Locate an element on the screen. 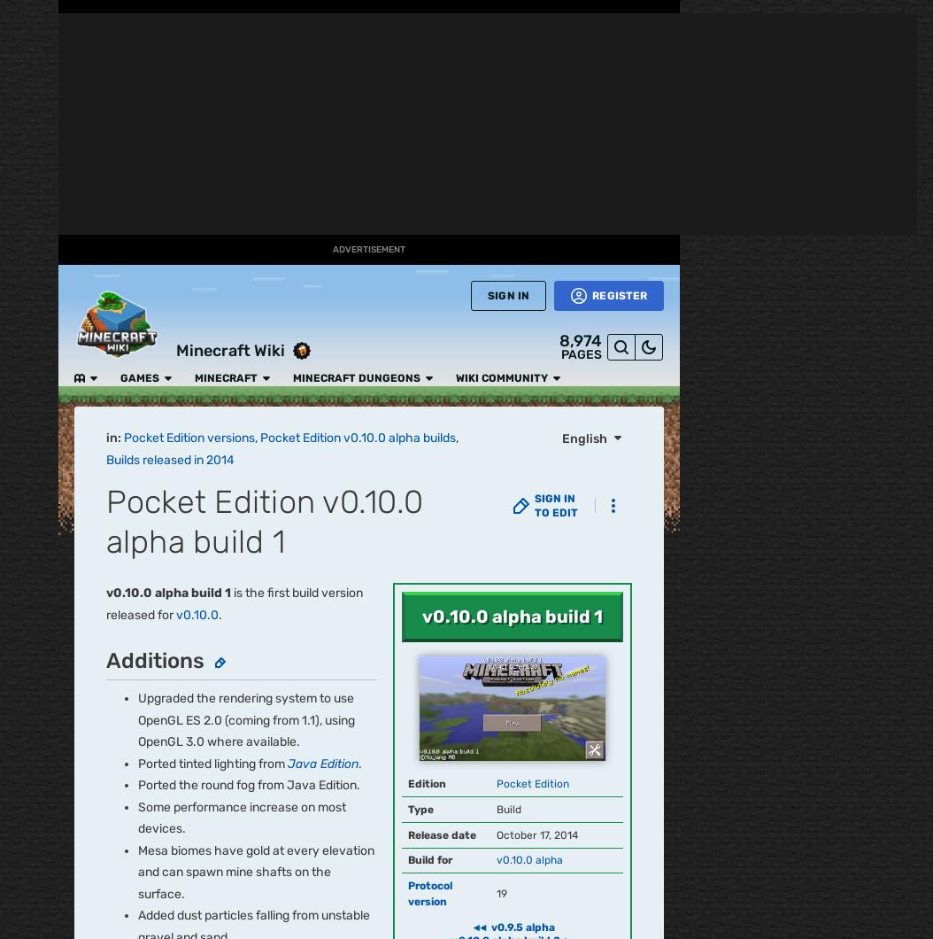 The width and height of the screenshot is (933, 939). 'Fan Central' is located at coordinates (28, 168).